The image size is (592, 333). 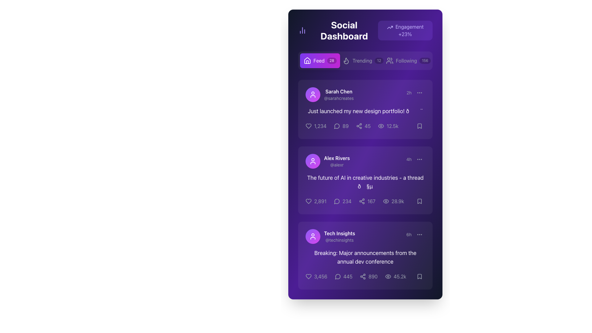 I want to click on the circular icon with three horizontally-aligned dots in the upper-right corner of Sarah Chen's post card, so click(x=419, y=92).